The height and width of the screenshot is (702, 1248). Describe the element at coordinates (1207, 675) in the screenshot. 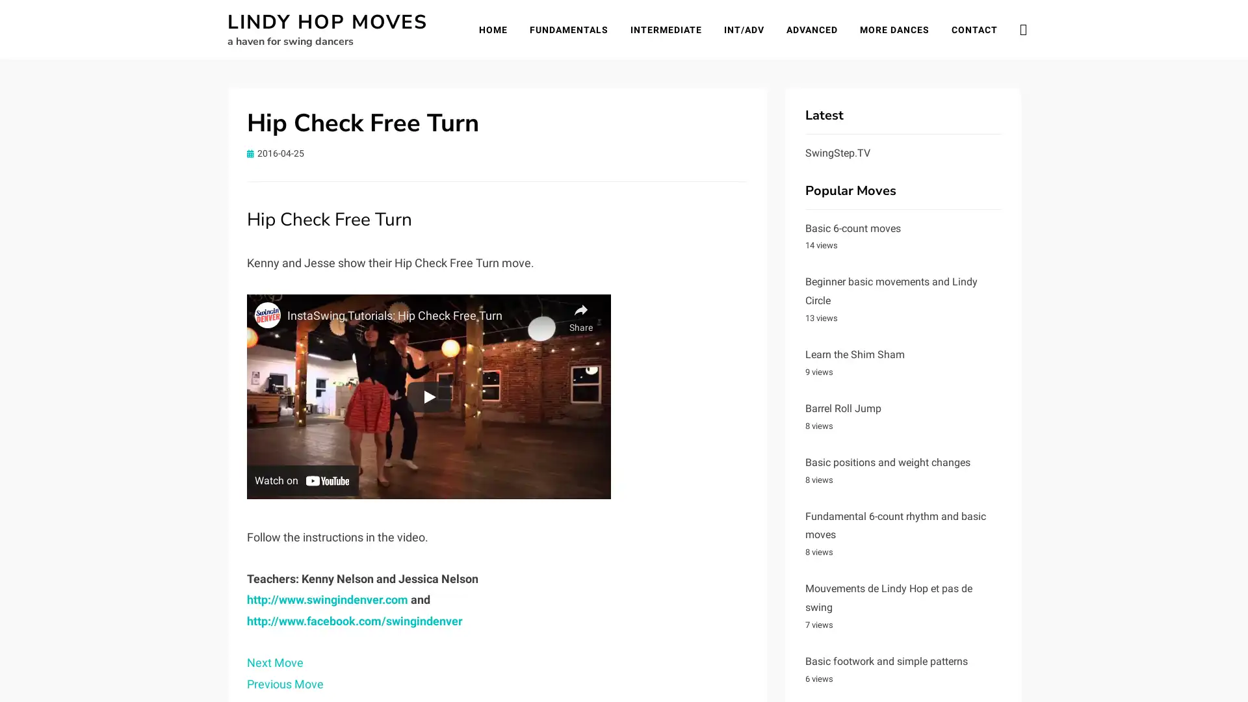

I see `GOT IT` at that location.